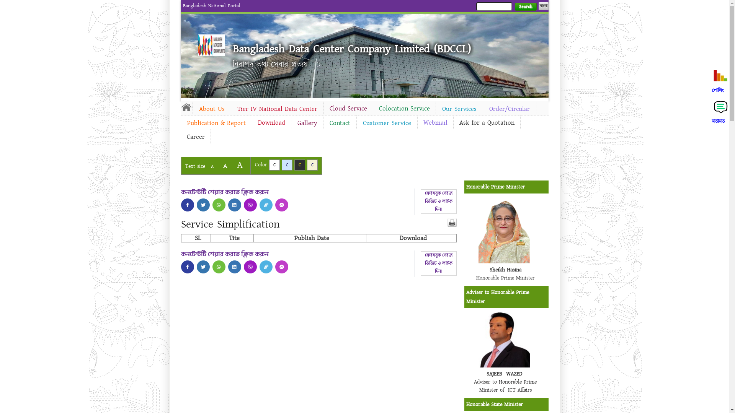 This screenshot has height=413, width=735. Describe the element at coordinates (271, 122) in the screenshot. I see `'Download'` at that location.